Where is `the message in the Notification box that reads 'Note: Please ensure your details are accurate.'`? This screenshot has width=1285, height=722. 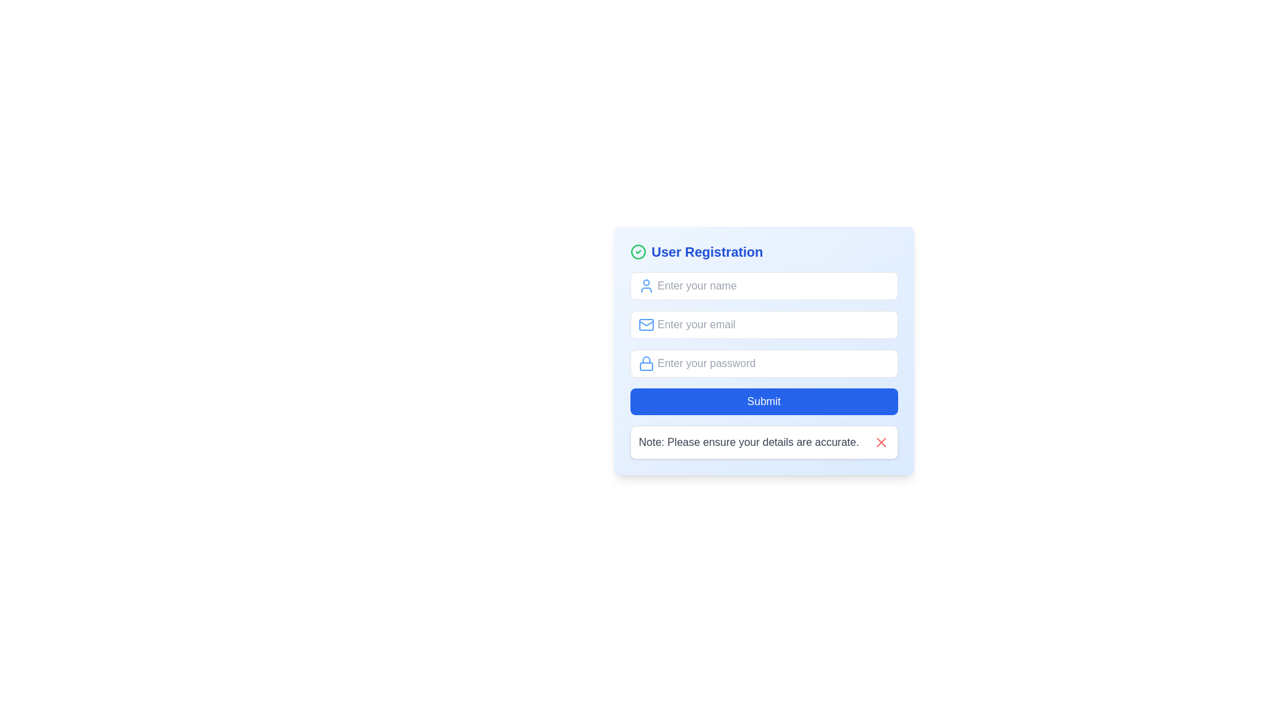
the message in the Notification box that reads 'Note: Please ensure your details are accurate.' is located at coordinates (764, 443).